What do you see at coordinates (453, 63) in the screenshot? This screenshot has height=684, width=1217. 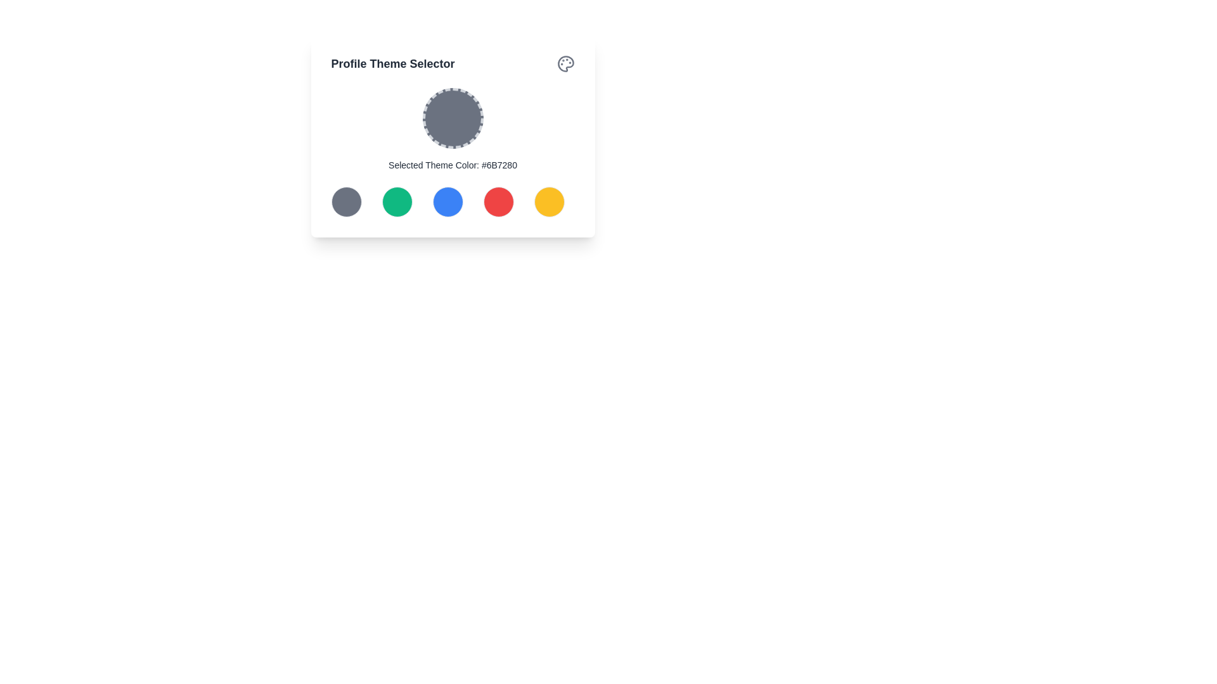 I see `the Header Bar containing the text 'Profile Theme Selector' and a palette icon, located at the top of the modal` at bounding box center [453, 63].